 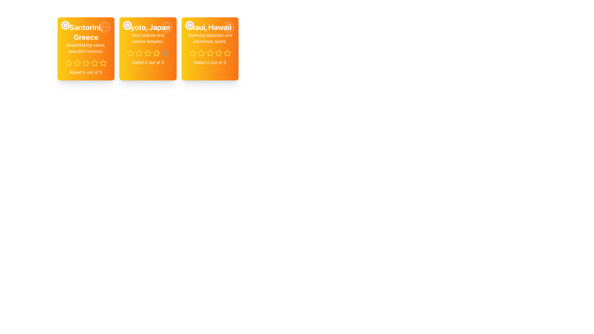 I want to click on the first yellow star icon in the rating system on the 'Maui, Hawaii' card, so click(x=192, y=53).